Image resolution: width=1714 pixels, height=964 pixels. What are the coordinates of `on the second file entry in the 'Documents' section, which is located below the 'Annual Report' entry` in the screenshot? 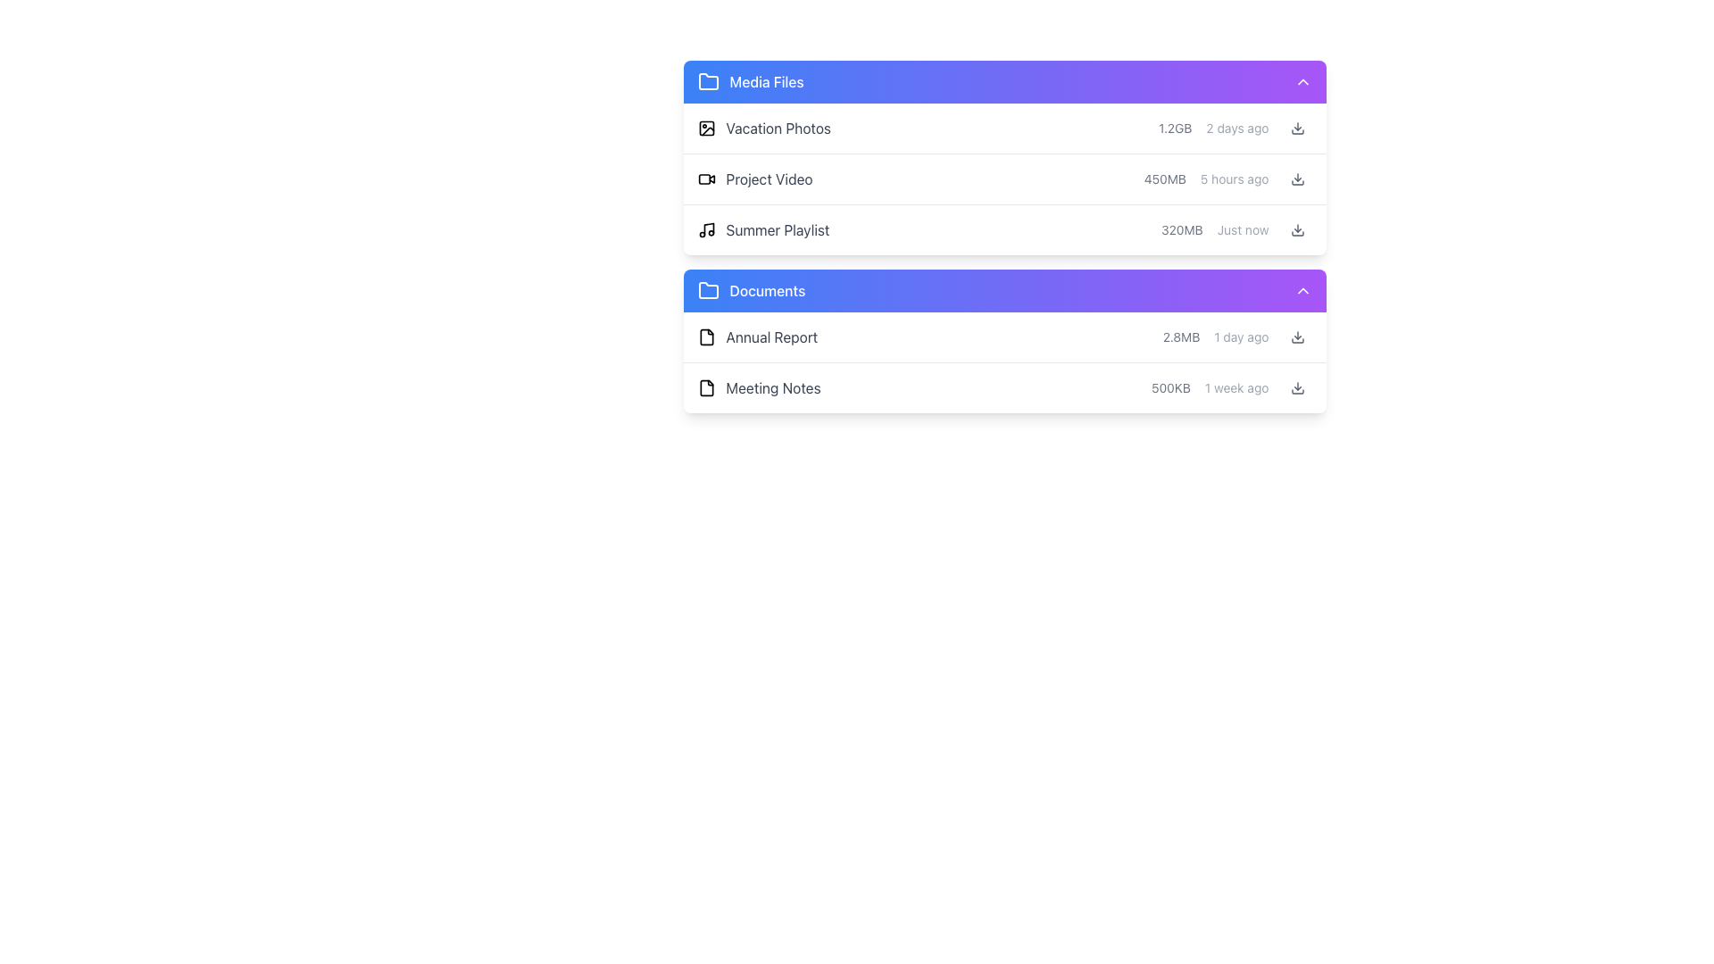 It's located at (1004, 387).